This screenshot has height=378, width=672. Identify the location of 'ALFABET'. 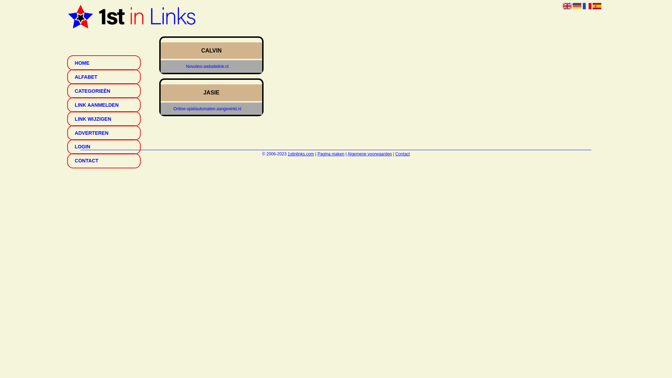
(104, 77).